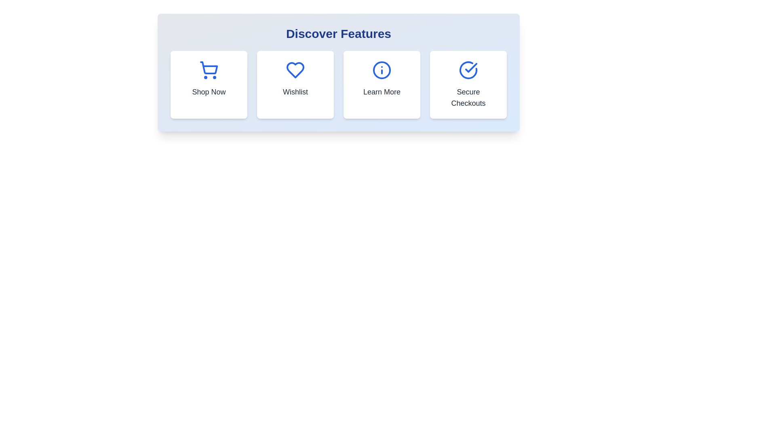  What do you see at coordinates (209, 91) in the screenshot?
I see `text label located below the blue shopping cart icon in the leftmost interactive block` at bounding box center [209, 91].